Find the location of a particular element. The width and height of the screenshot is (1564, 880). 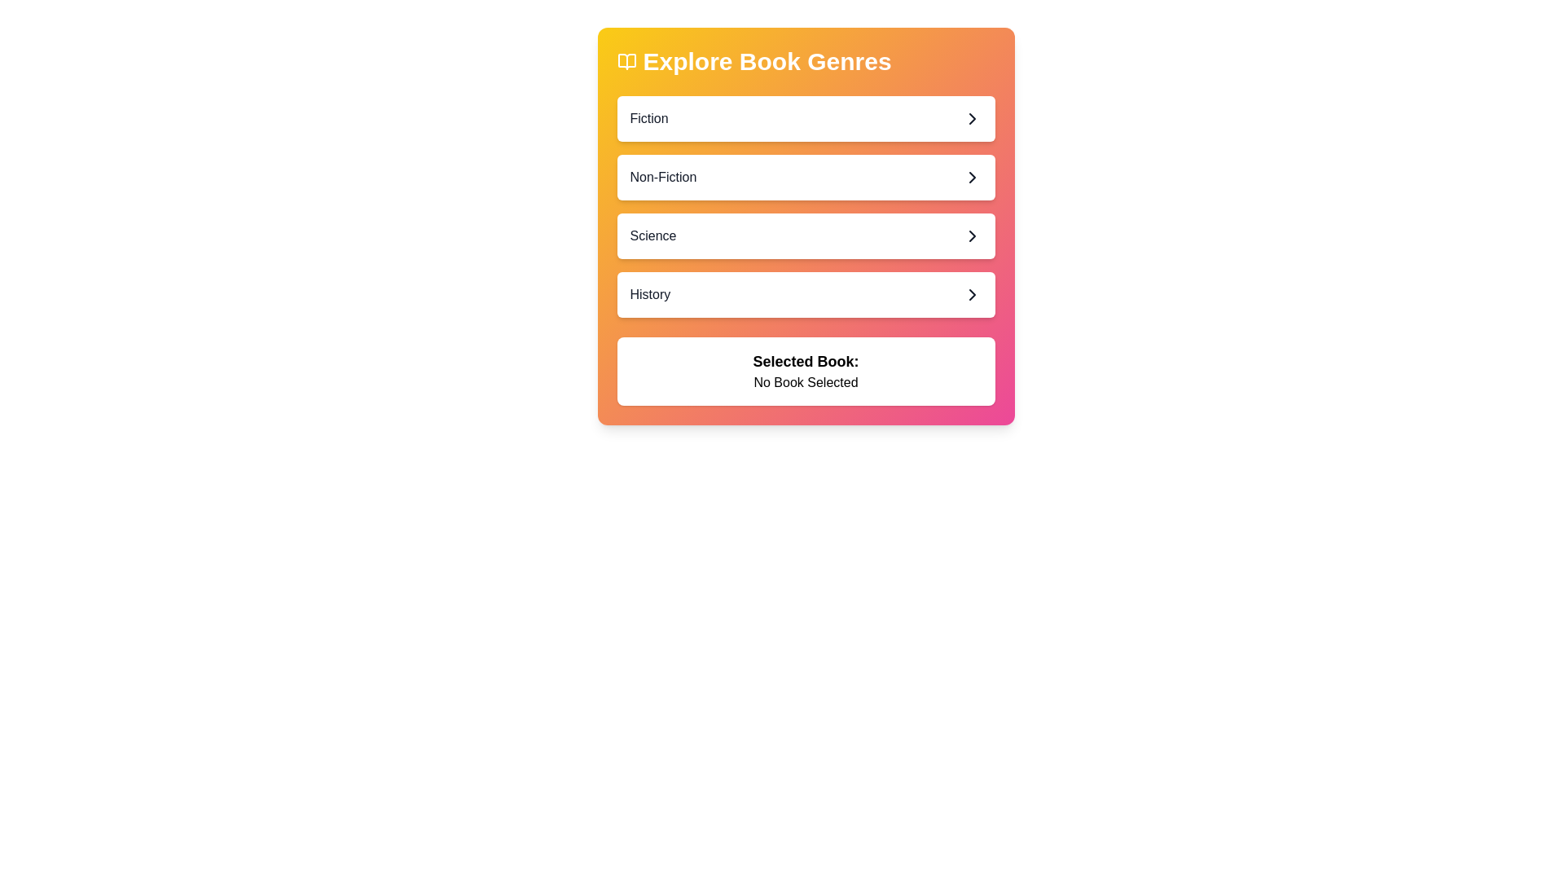

the 'History' clickable list item is located at coordinates (806, 295).